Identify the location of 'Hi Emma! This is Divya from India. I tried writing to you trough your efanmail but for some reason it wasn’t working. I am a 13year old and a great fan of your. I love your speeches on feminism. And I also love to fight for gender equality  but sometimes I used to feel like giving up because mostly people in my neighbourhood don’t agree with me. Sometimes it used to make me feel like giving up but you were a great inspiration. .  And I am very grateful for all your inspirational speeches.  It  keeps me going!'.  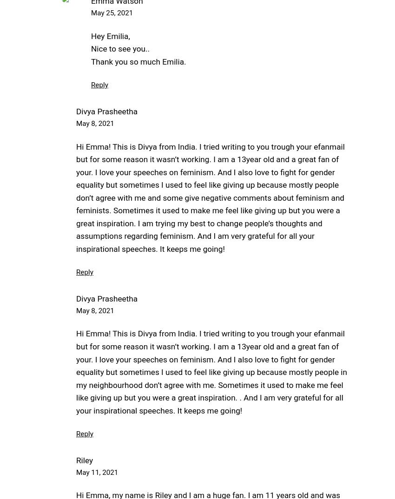
(211, 371).